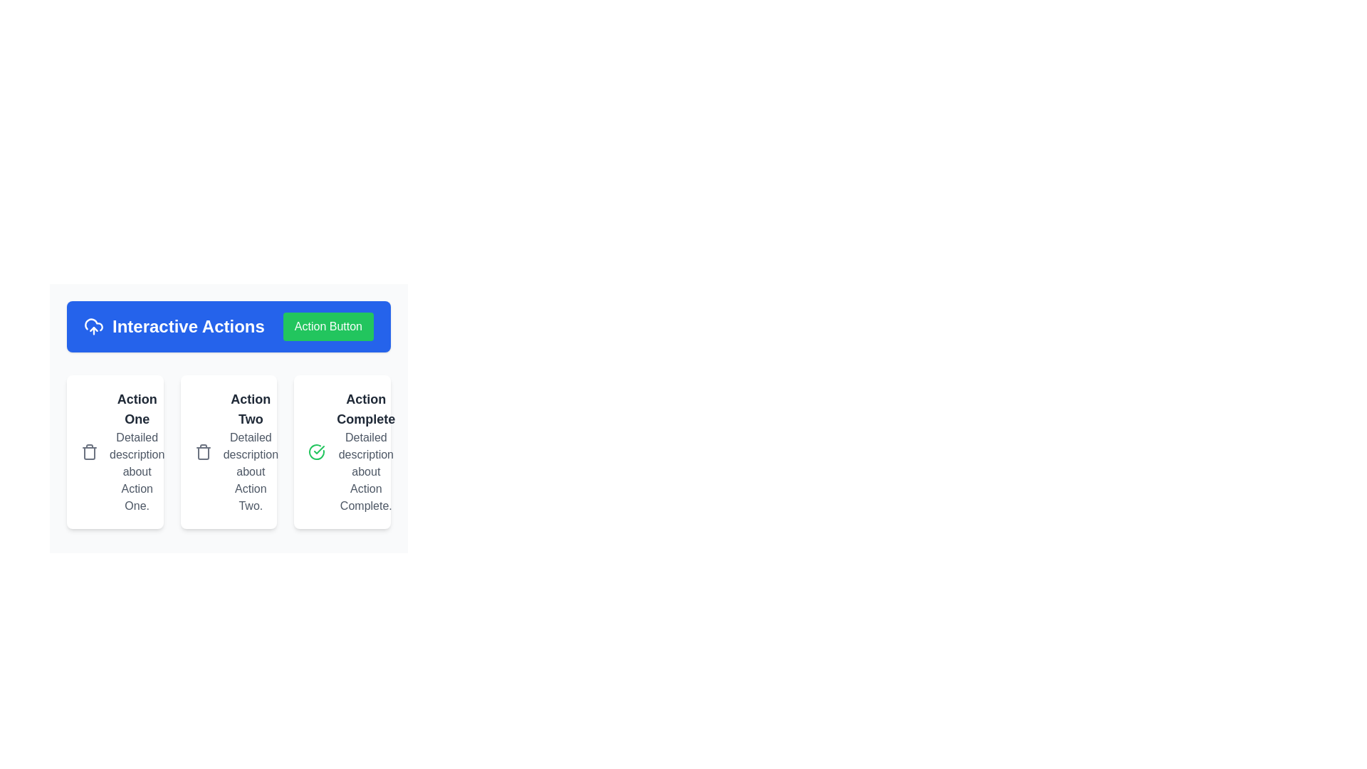 This screenshot has height=769, width=1367. I want to click on the text block displaying the header 'Action Two' and the paragraph 'Detailed description about Action Two', which is the second item in a horizontally aligned list, so click(251, 452).